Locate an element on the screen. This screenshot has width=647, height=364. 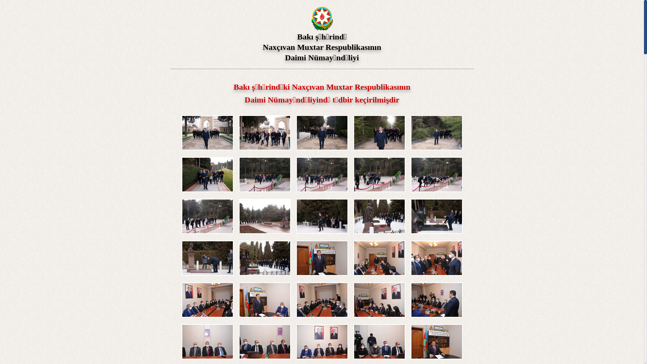
'Click to enlarge' is located at coordinates (207, 216).